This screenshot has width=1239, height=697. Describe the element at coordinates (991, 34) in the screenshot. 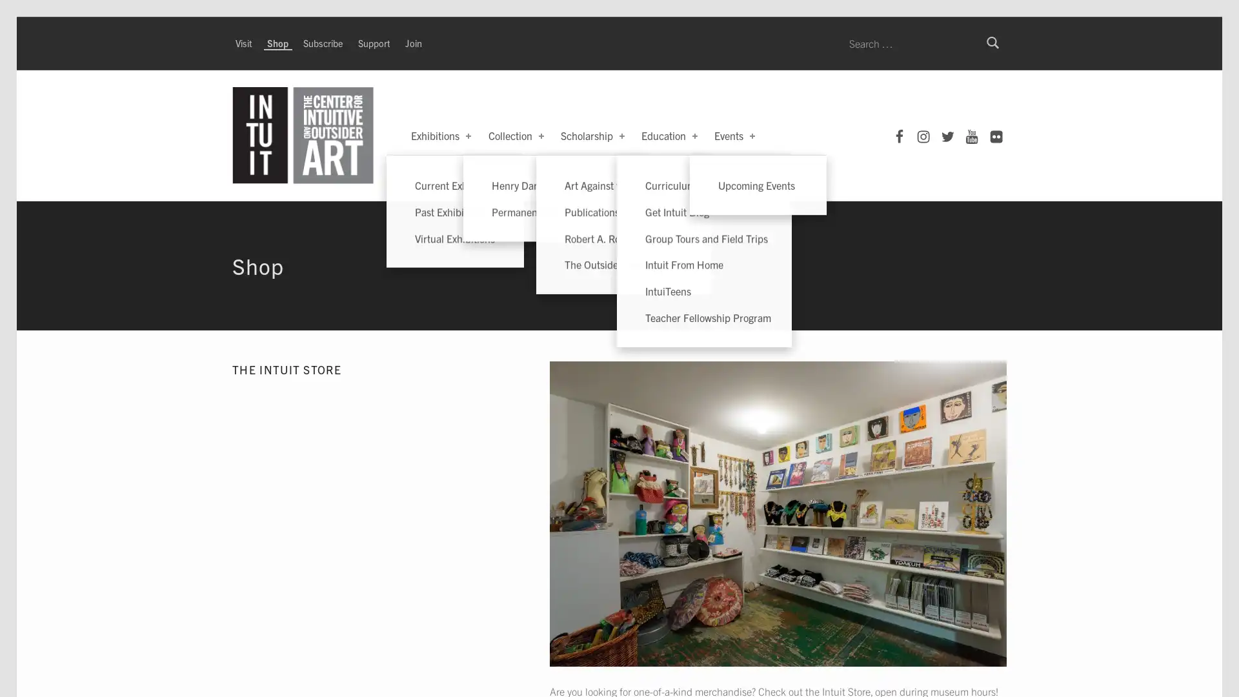

I see `Search` at that location.